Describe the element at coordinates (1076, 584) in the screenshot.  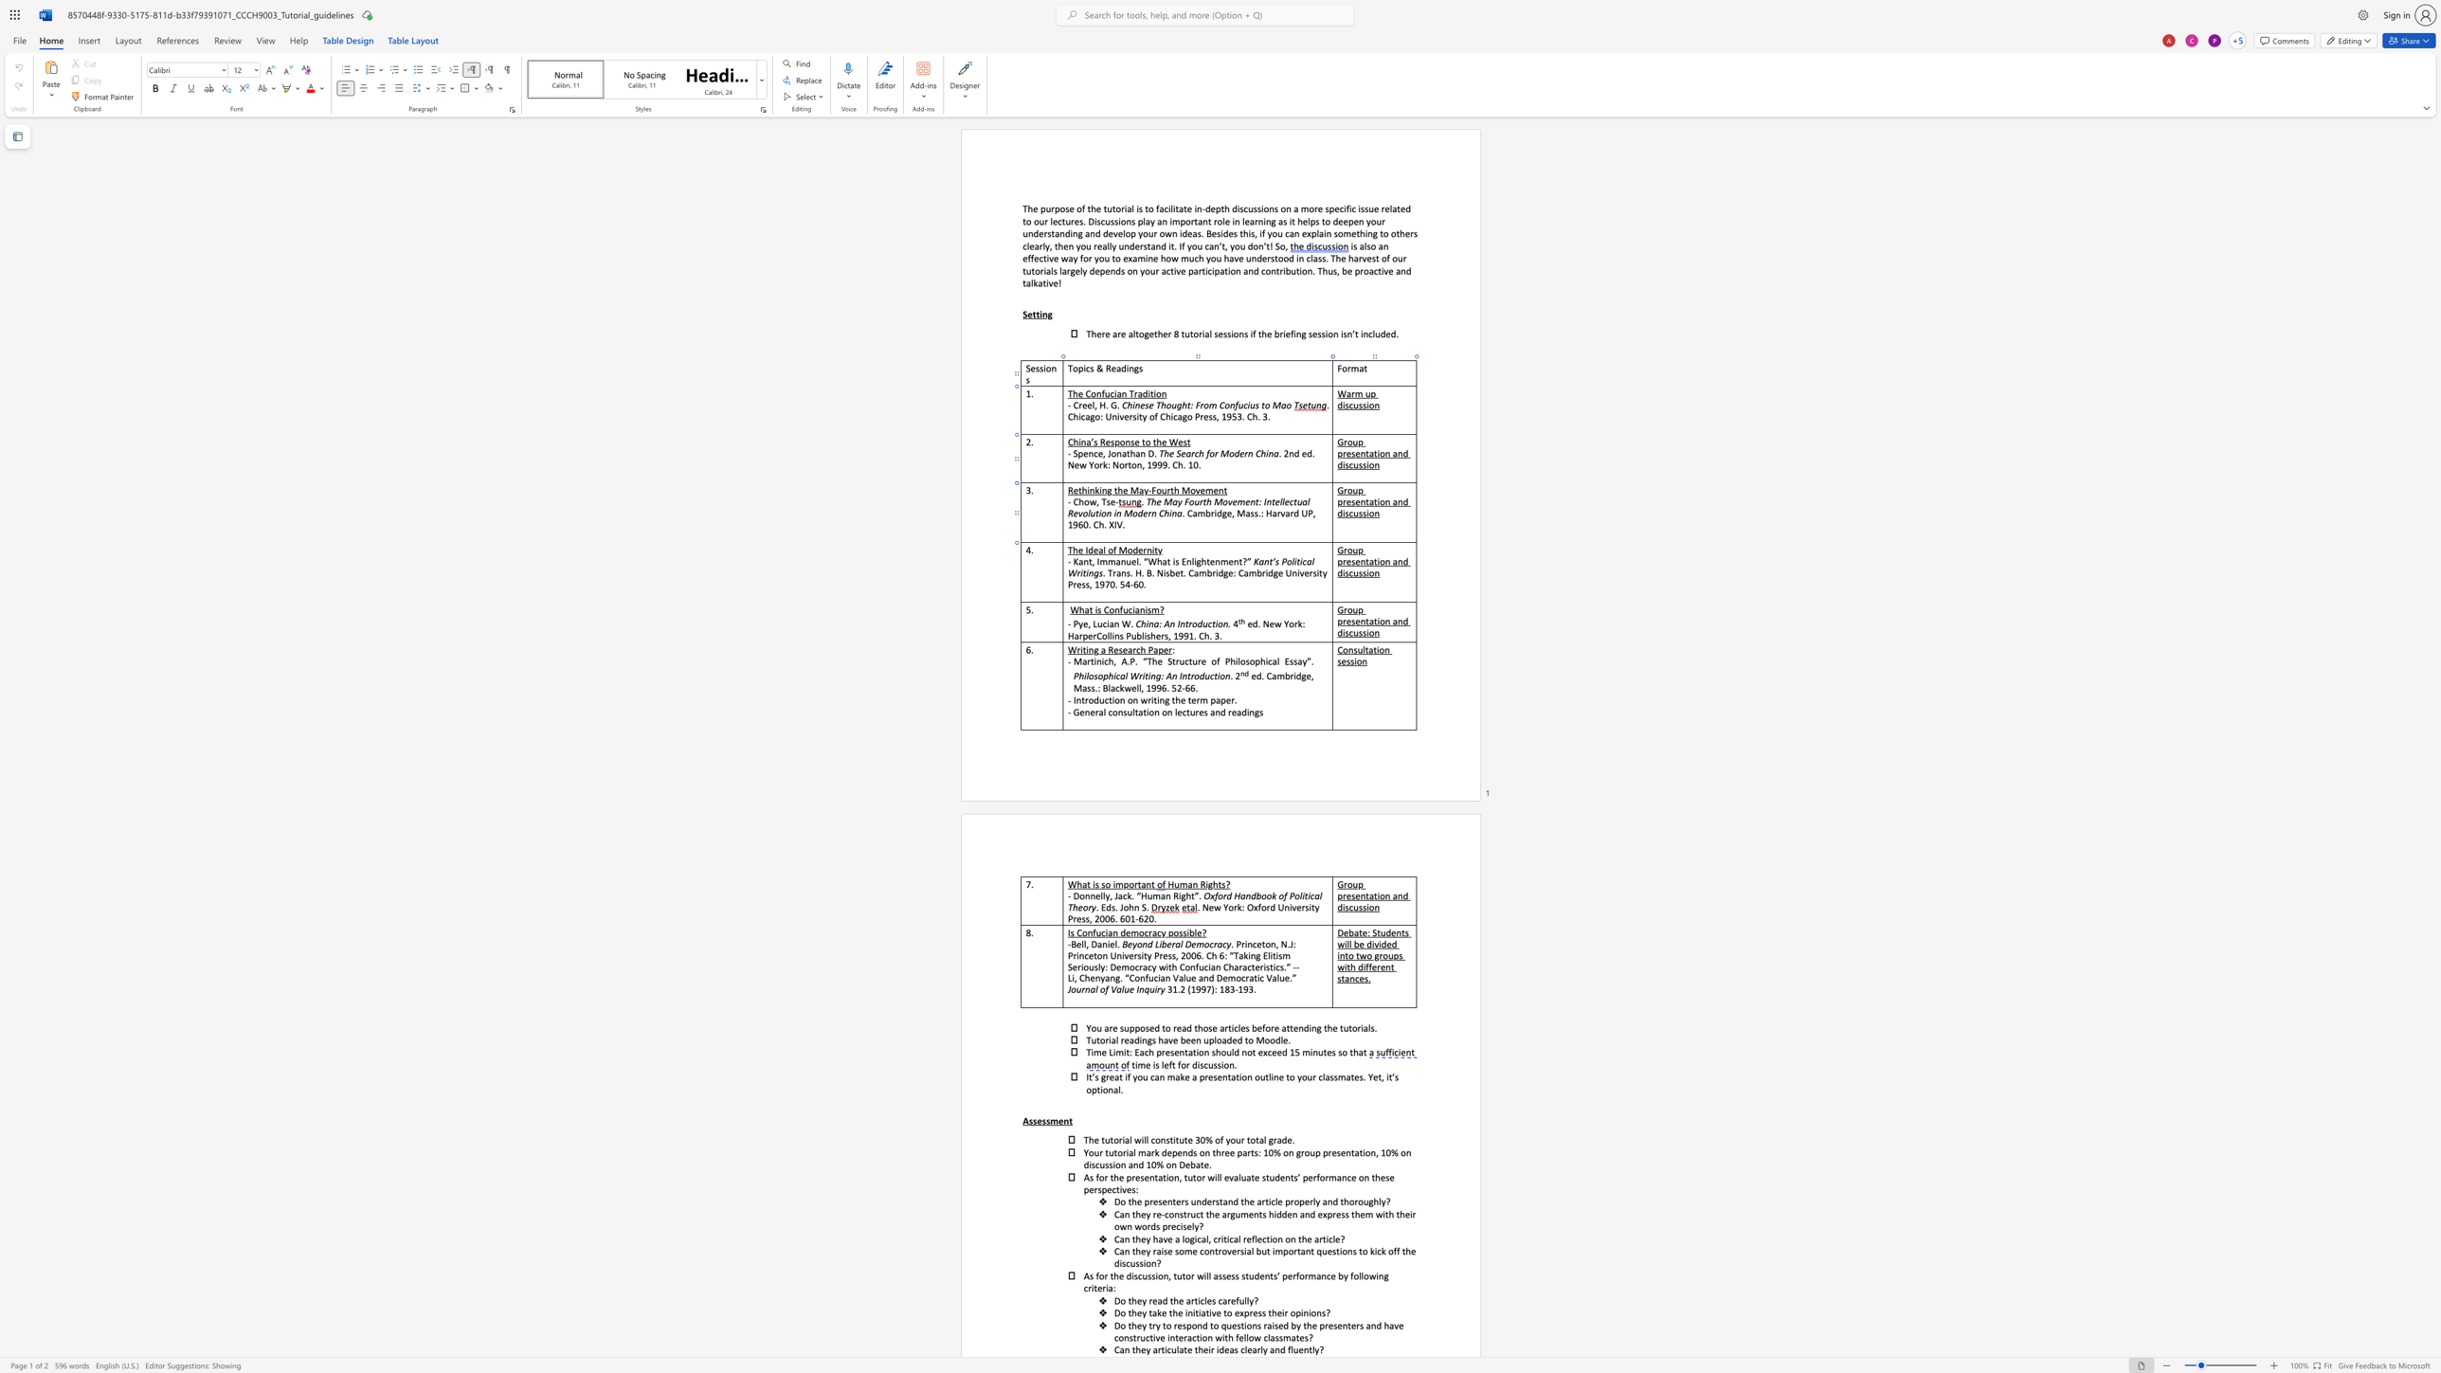
I see `the space between the continuous character "r" and "e" in the text` at that location.